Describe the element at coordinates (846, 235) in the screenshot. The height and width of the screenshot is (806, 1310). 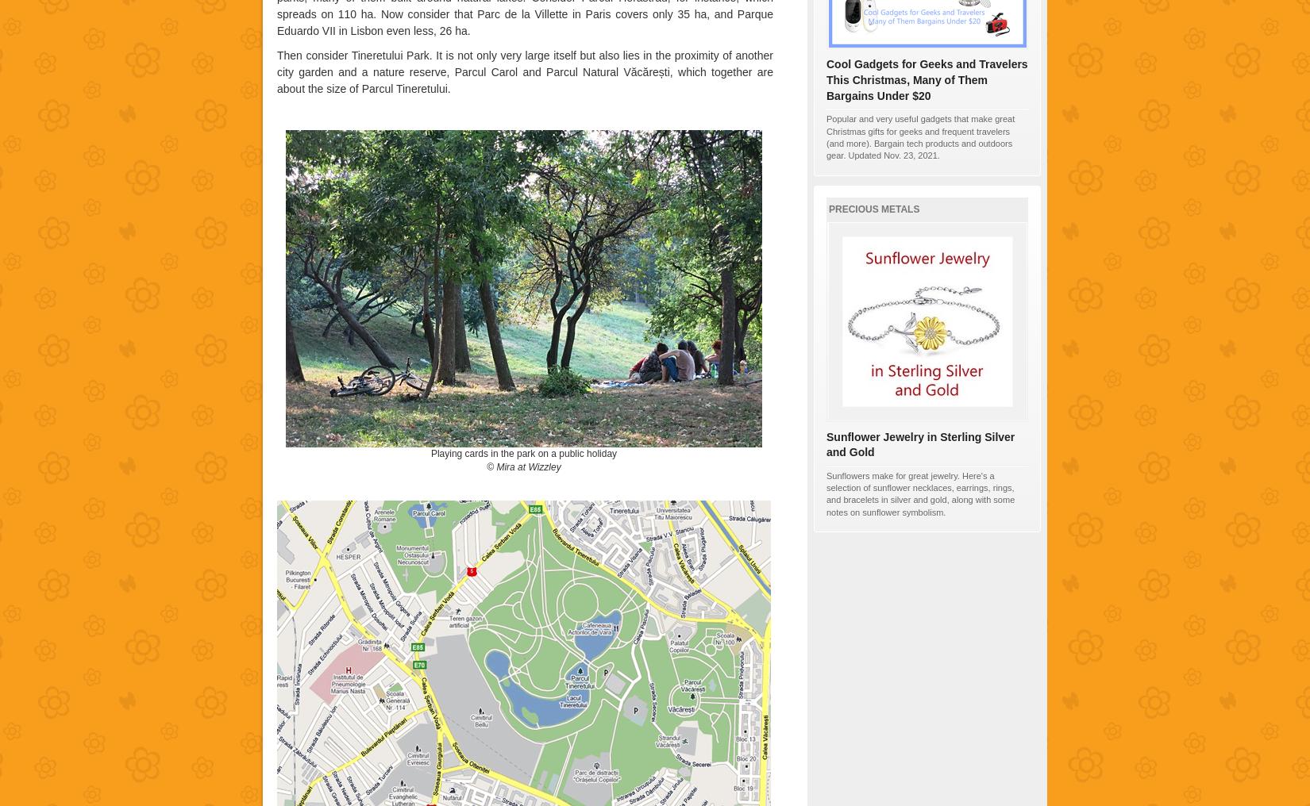
I see `'100%'` at that location.